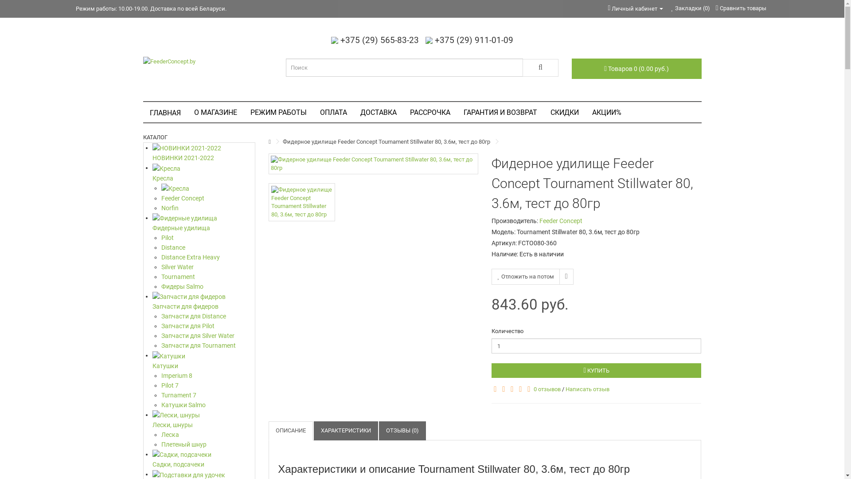 The image size is (851, 479). What do you see at coordinates (208, 395) in the screenshot?
I see `'Turnament 7'` at bounding box center [208, 395].